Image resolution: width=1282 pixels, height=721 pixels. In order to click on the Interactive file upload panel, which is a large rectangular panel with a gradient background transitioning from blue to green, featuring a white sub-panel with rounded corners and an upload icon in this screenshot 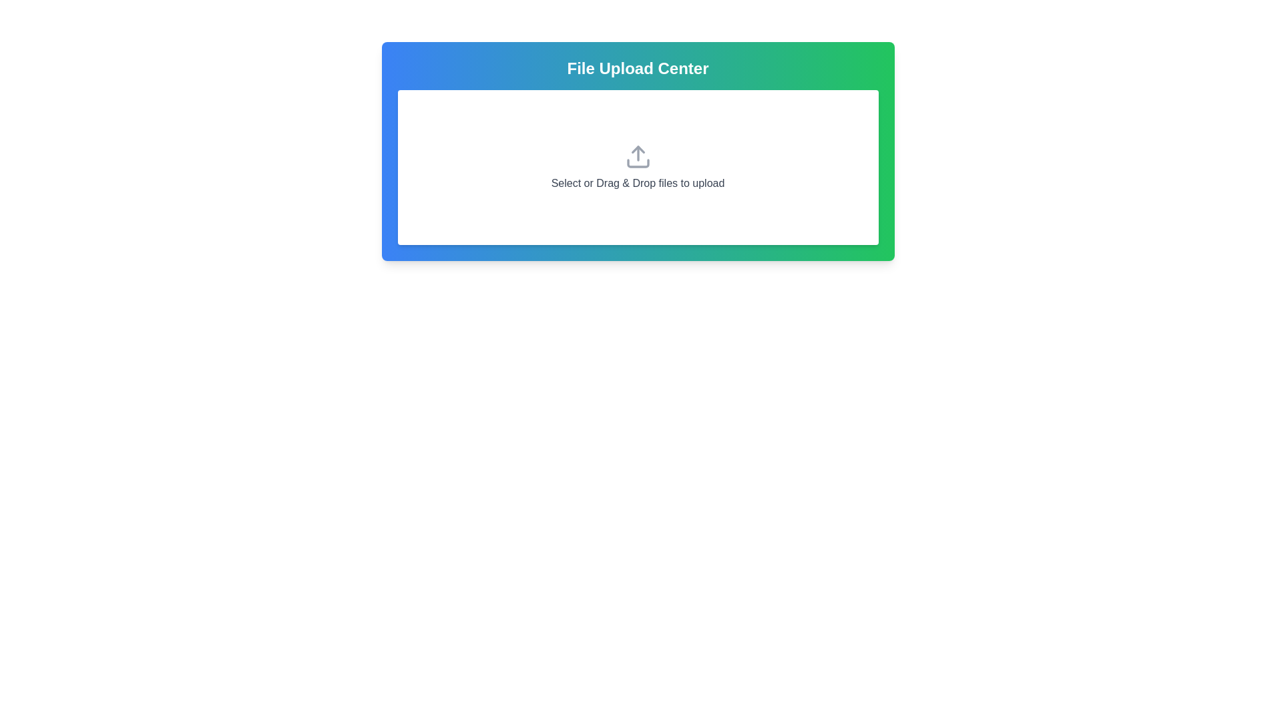, I will do `click(637, 151)`.